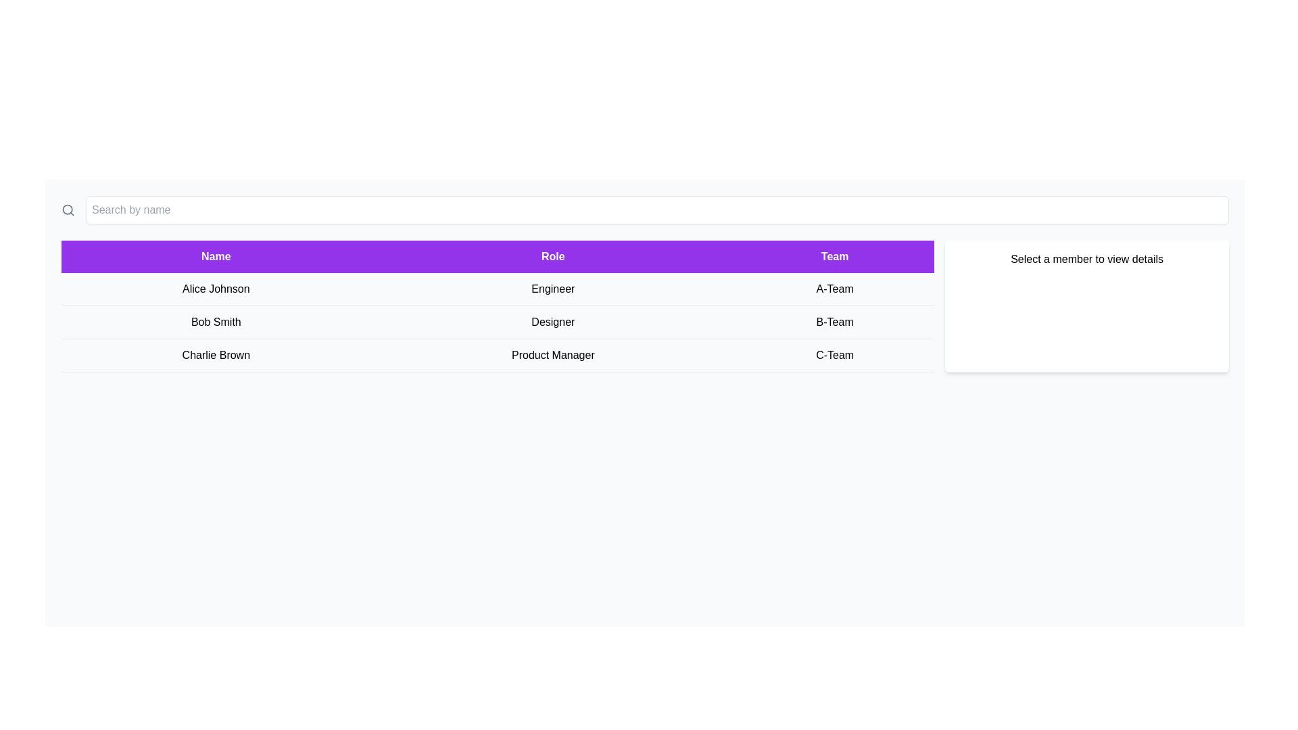 The image size is (1298, 730). Describe the element at coordinates (215, 289) in the screenshot. I see `on the text label displaying 'Alice Johnson' located in the first column of the table beneath the 'Name' header` at that location.